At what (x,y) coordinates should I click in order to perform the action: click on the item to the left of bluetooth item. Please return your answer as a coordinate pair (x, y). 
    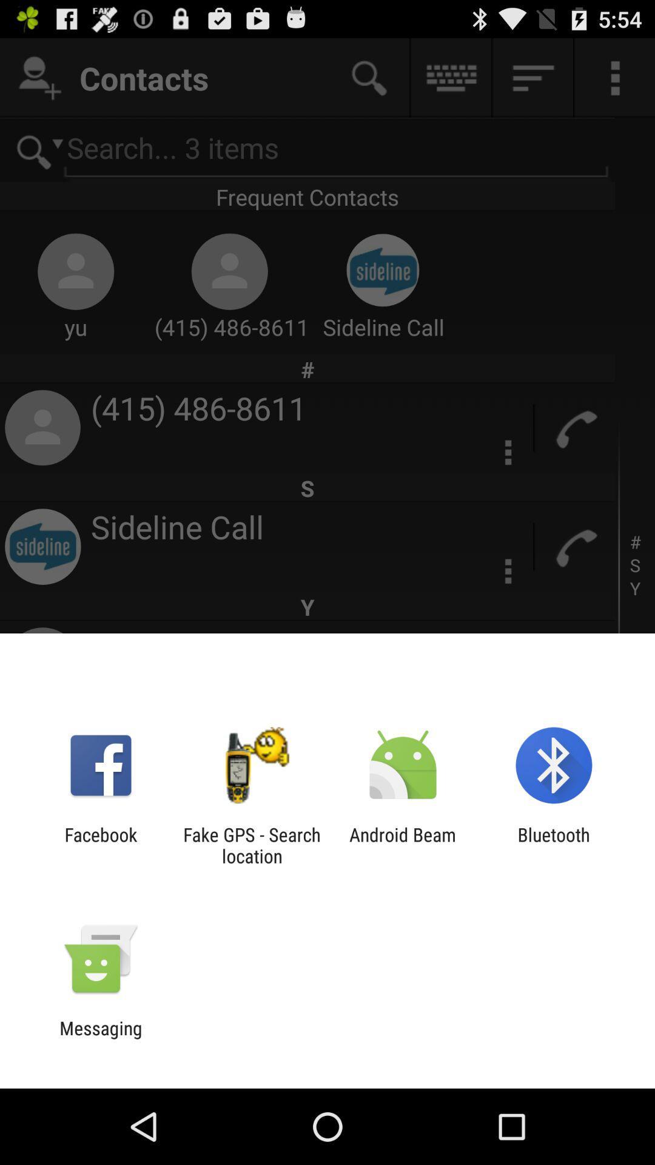
    Looking at the image, I should click on (403, 845).